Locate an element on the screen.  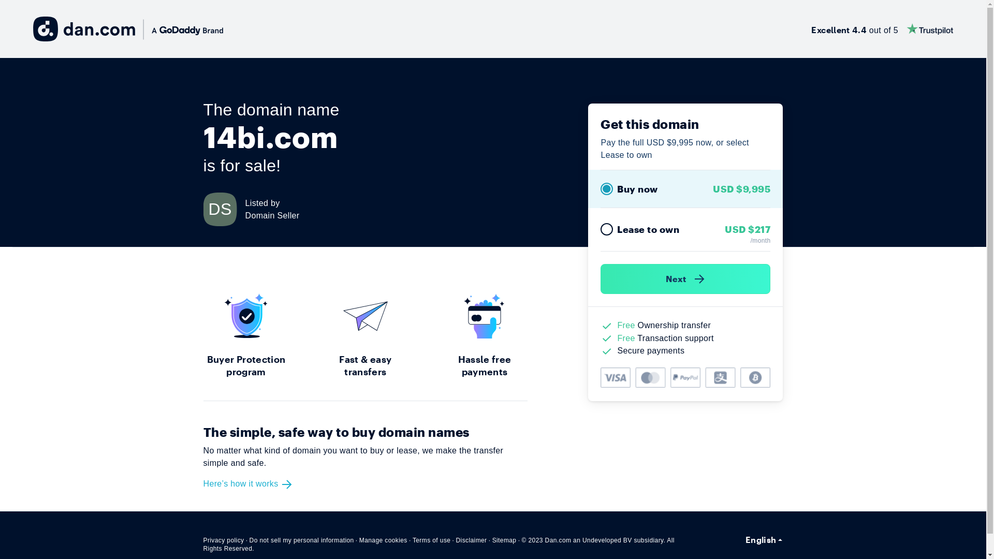
'Privacy policy' is located at coordinates (223, 540).